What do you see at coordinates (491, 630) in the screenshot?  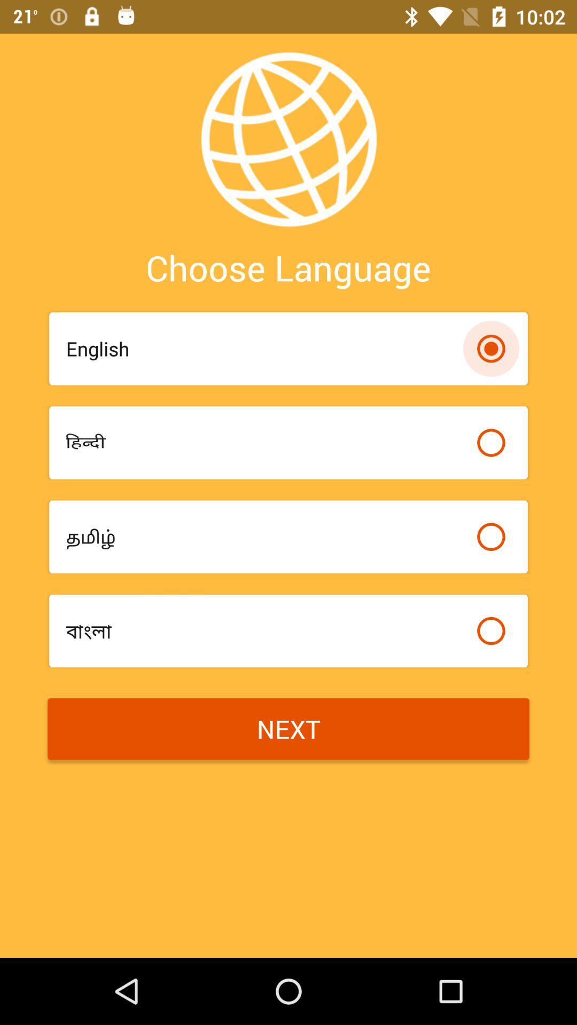 I see `choose button` at bounding box center [491, 630].